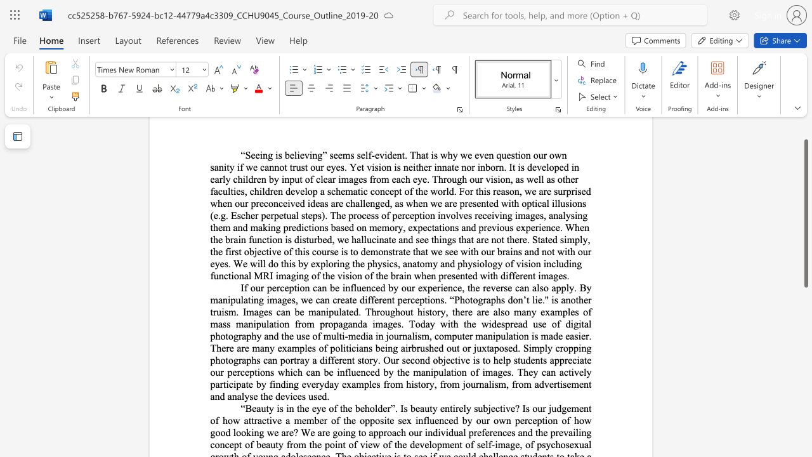  Describe the element at coordinates (805, 213) in the screenshot. I see `the scrollbar and move up 30 pixels` at that location.